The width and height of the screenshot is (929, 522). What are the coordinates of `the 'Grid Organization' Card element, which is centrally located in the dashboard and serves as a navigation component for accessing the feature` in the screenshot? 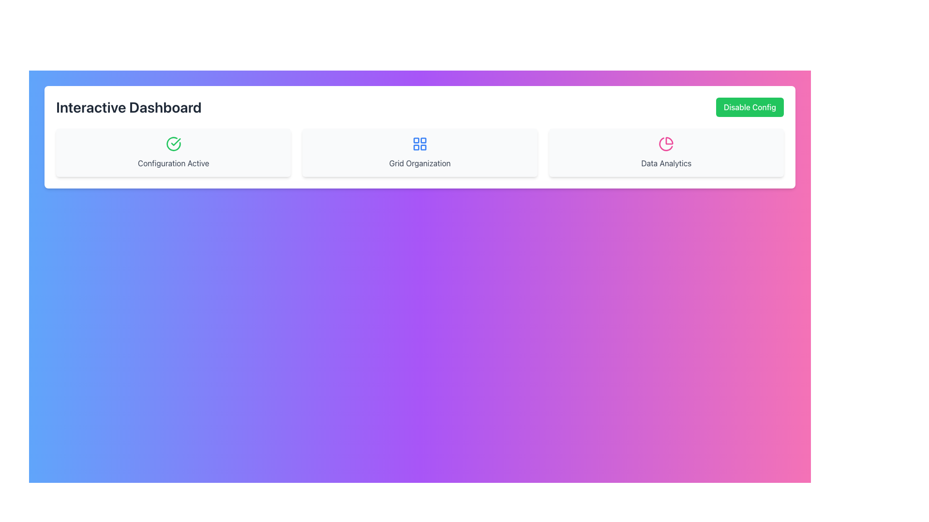 It's located at (420, 152).